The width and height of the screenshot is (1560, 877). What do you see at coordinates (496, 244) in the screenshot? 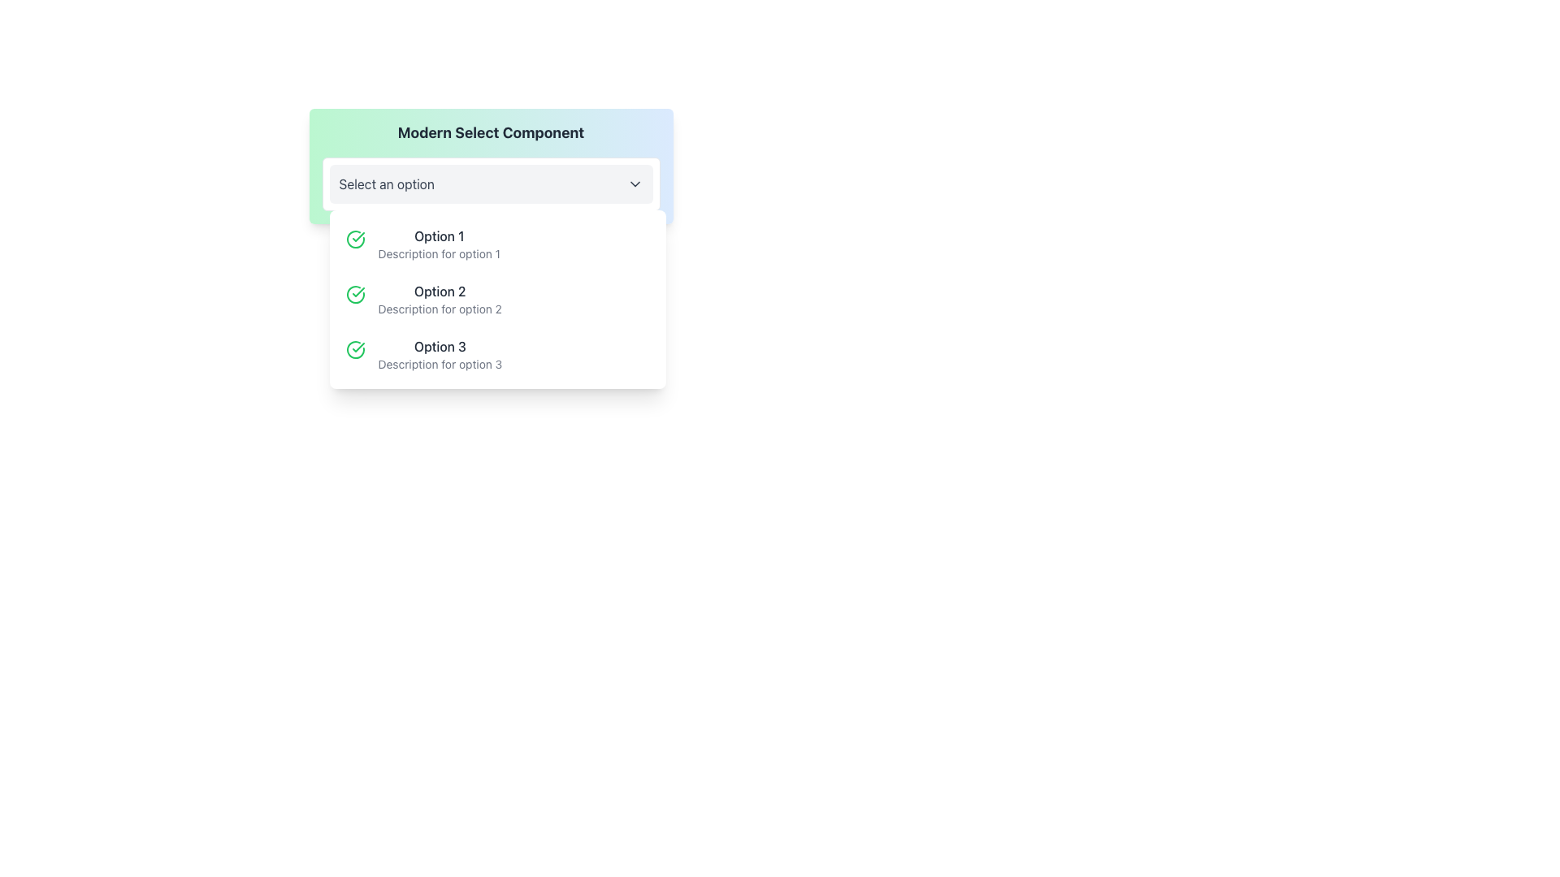
I see `the first selectable item in the dropdown menu labeled 'Modern Select Component'` at bounding box center [496, 244].